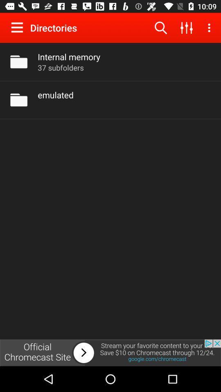  Describe the element at coordinates (19, 27) in the screenshot. I see `open menu option` at that location.